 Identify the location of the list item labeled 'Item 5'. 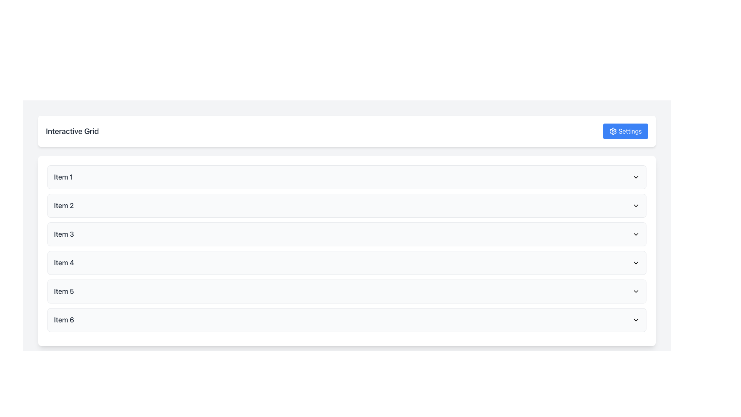
(346, 292).